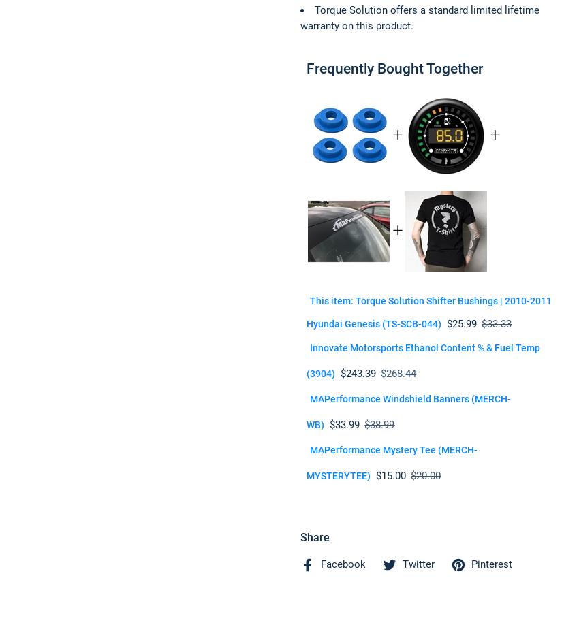 The image size is (579, 625). Describe the element at coordinates (356, 372) in the screenshot. I see `'$243.39'` at that location.